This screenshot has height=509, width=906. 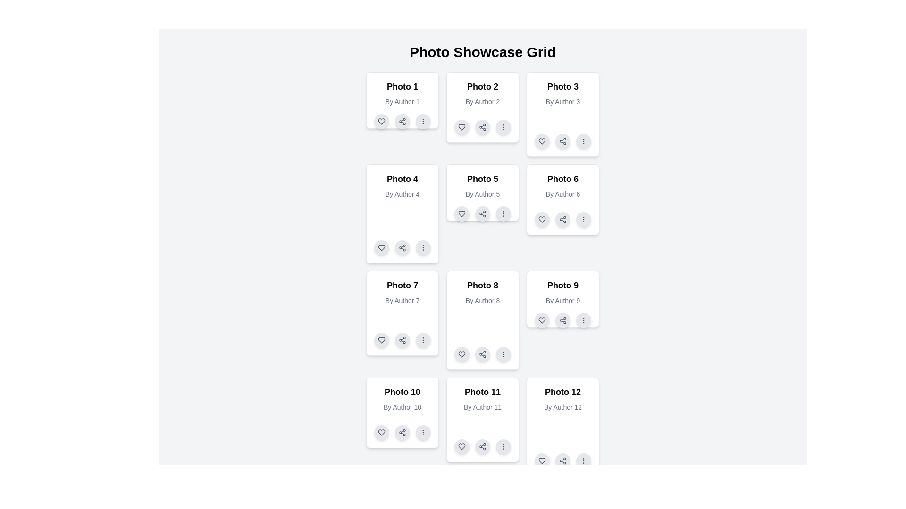 I want to click on the share button icon, which is the central icon in the row of three within the bottom section of the card for 'Photo 6' under 'By Author 6', so click(x=563, y=220).